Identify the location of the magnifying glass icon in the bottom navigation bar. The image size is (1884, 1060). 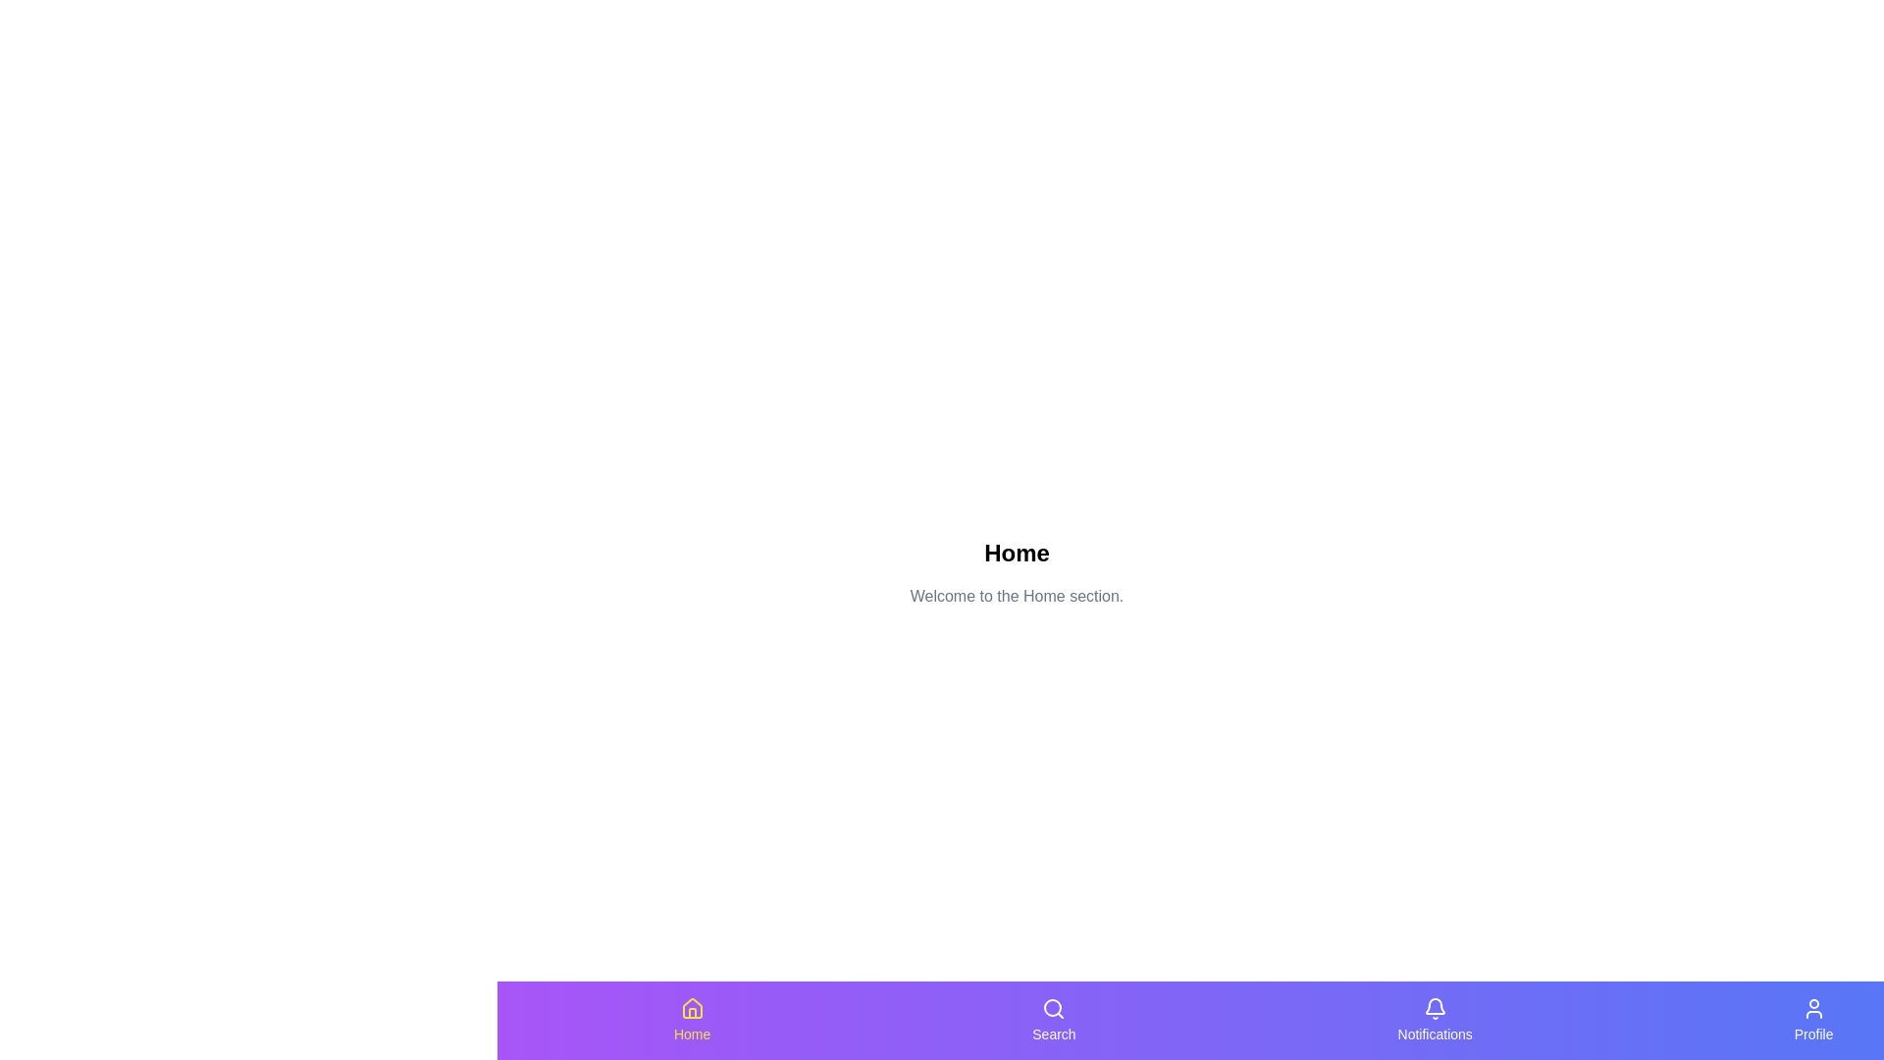
(1053, 1009).